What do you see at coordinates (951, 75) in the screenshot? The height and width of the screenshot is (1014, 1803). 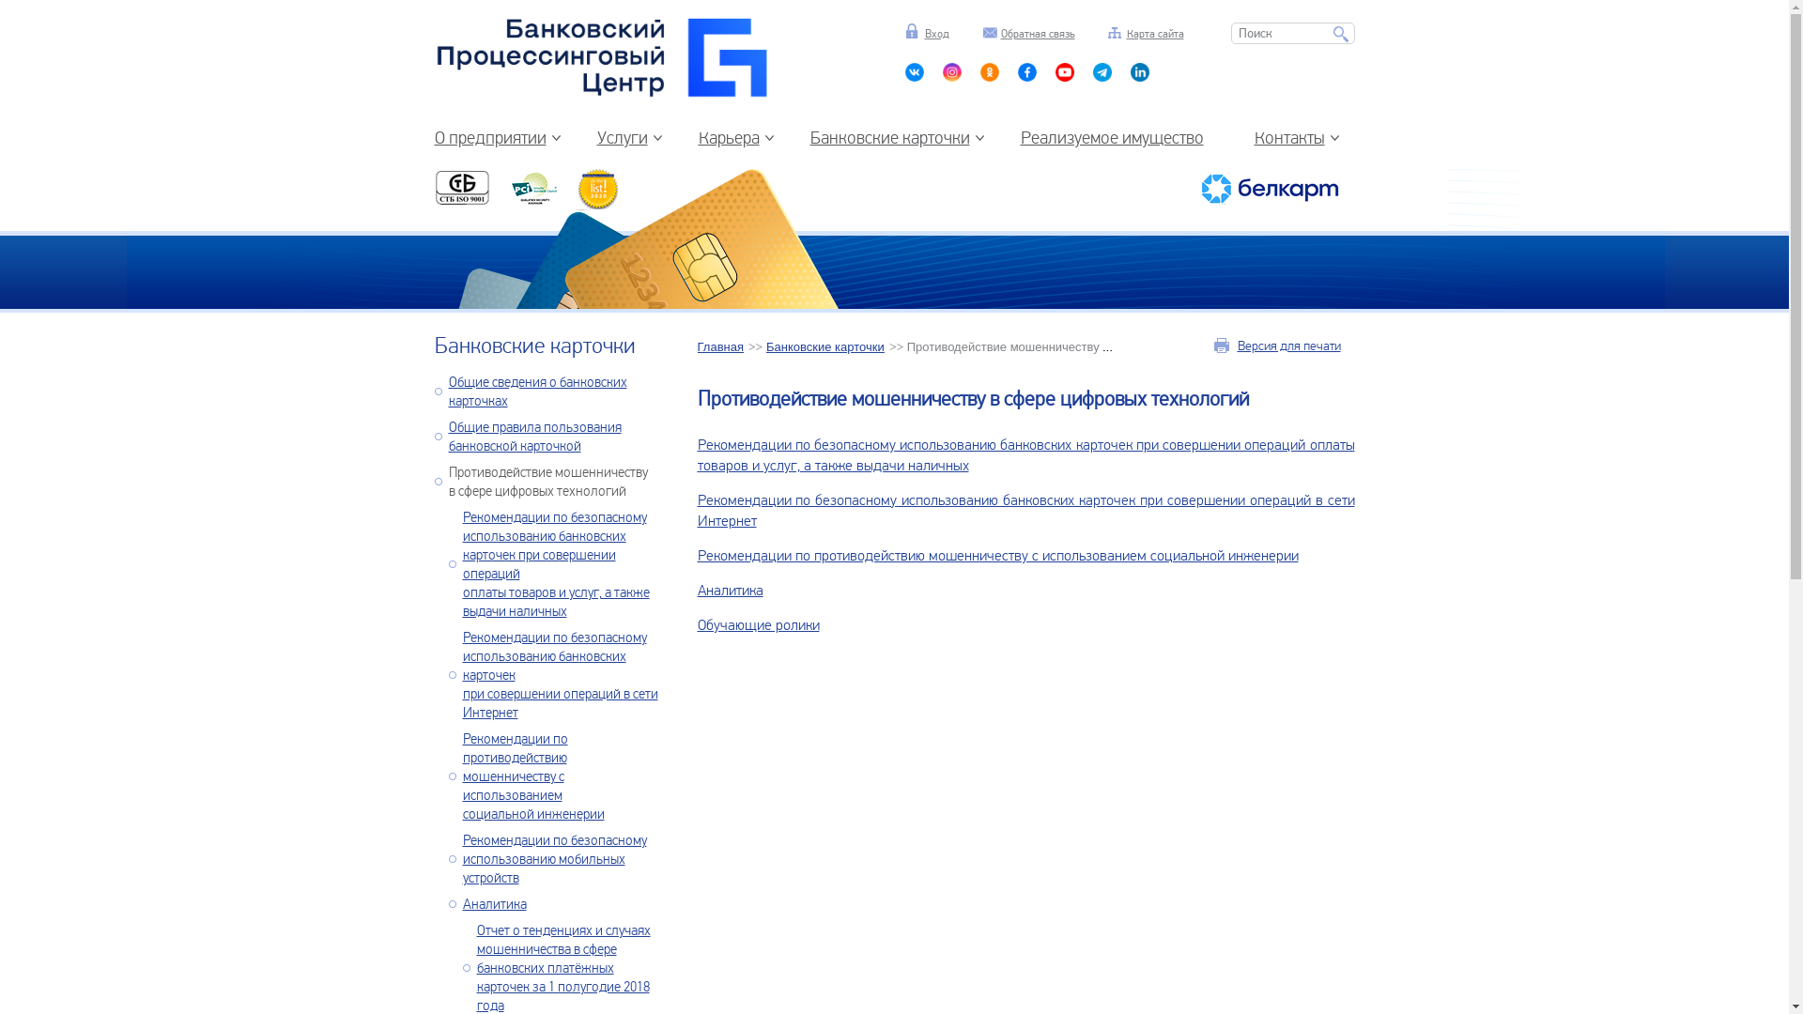 I see `'Instagram'` at bounding box center [951, 75].